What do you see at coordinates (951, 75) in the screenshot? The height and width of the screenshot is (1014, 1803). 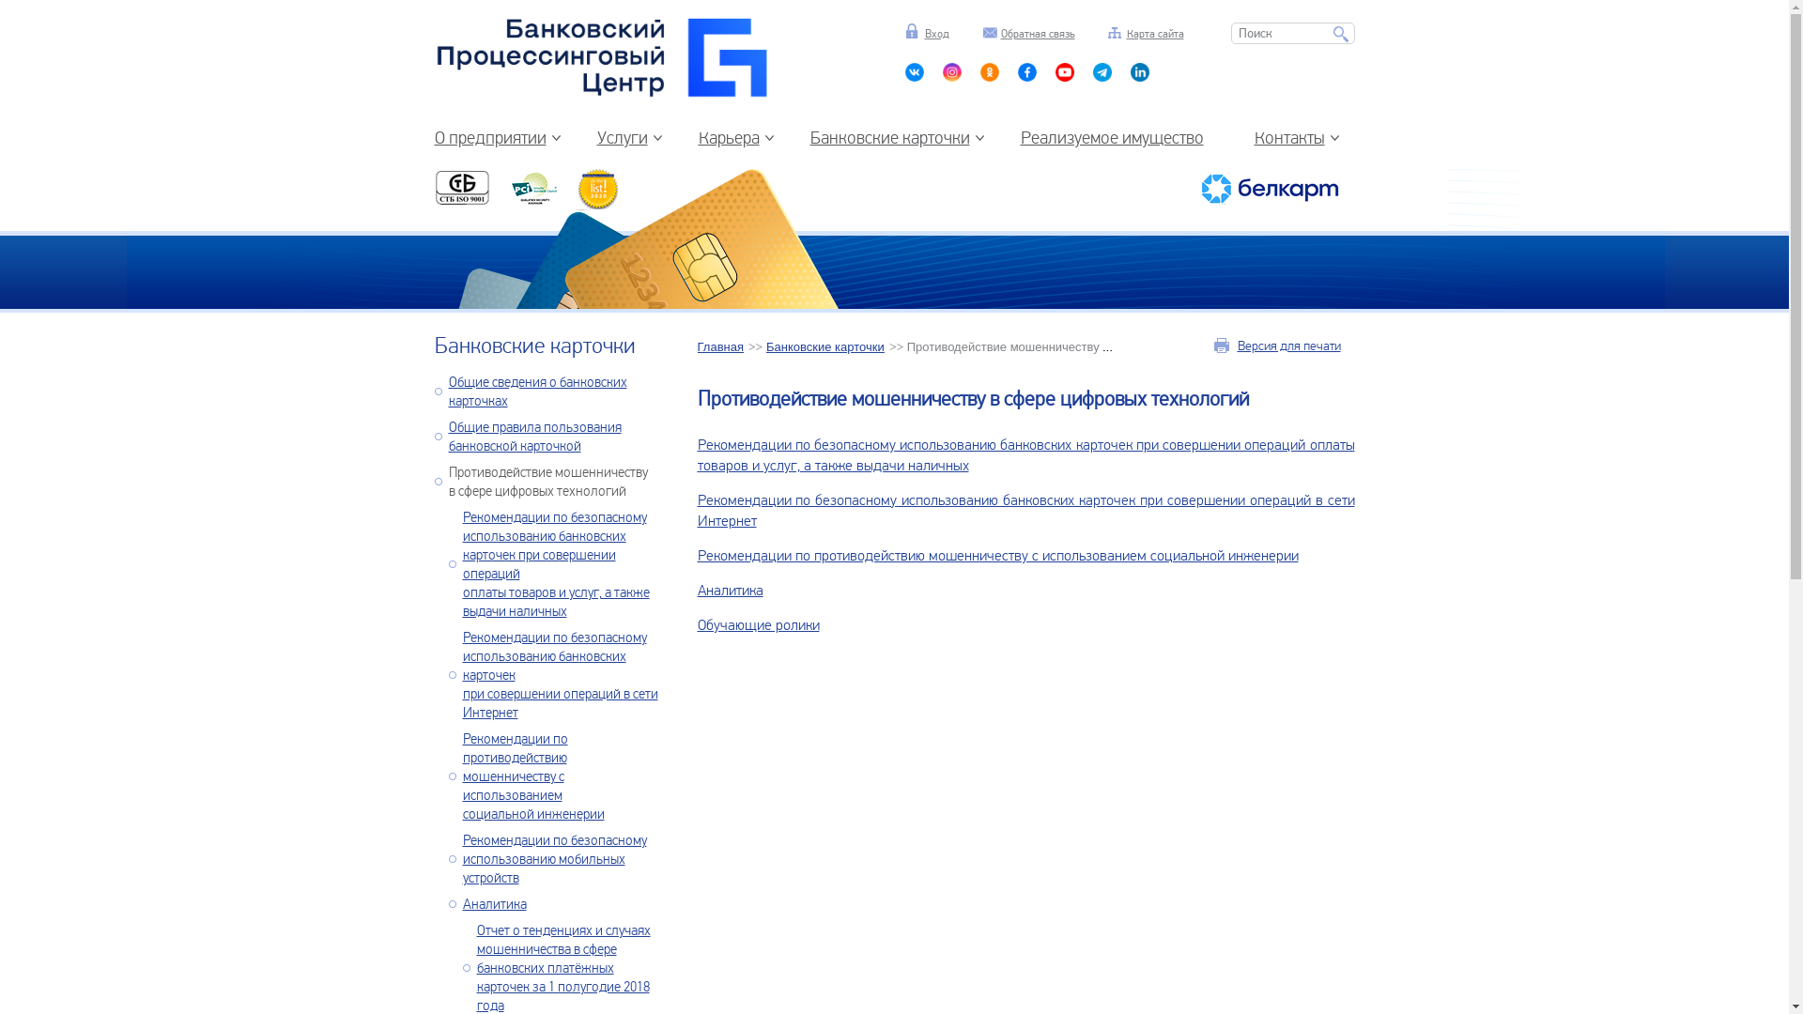 I see `'Instagram'` at bounding box center [951, 75].